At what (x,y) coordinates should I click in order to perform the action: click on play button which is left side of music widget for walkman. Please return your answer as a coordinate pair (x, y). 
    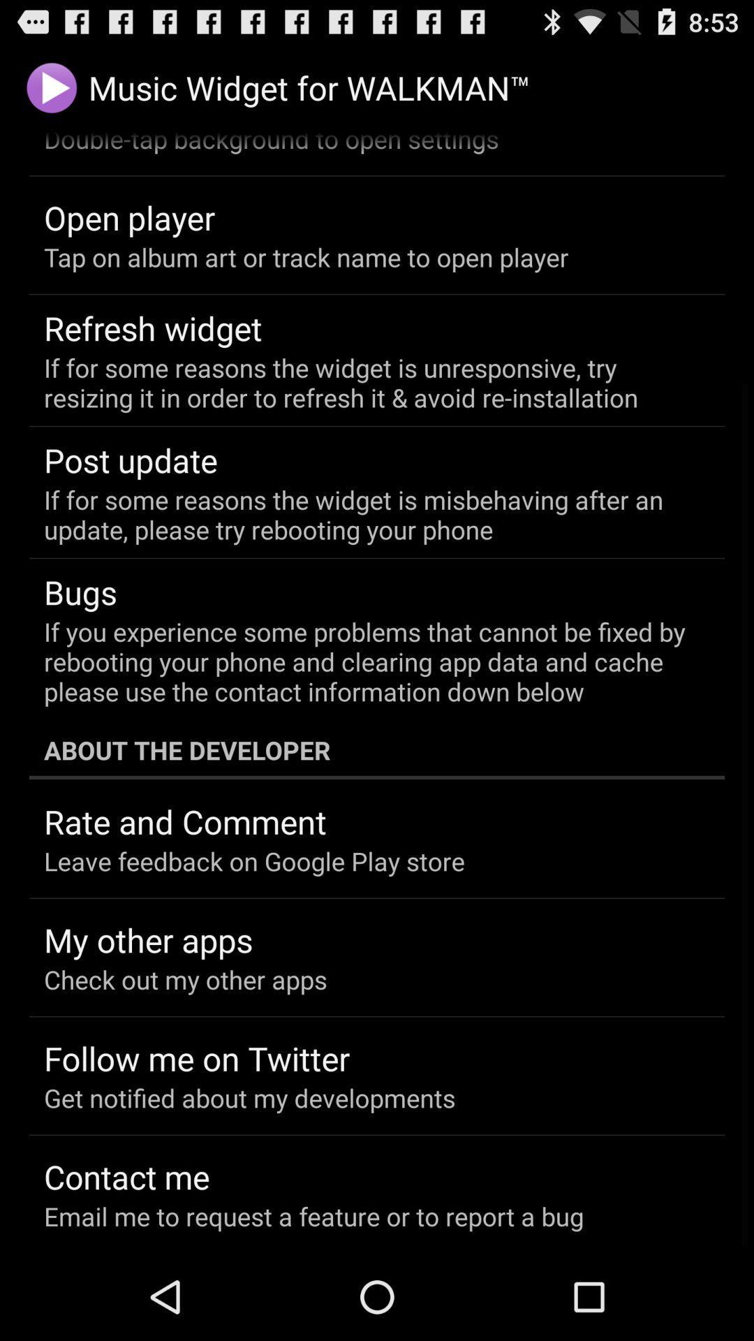
    Looking at the image, I should click on (51, 87).